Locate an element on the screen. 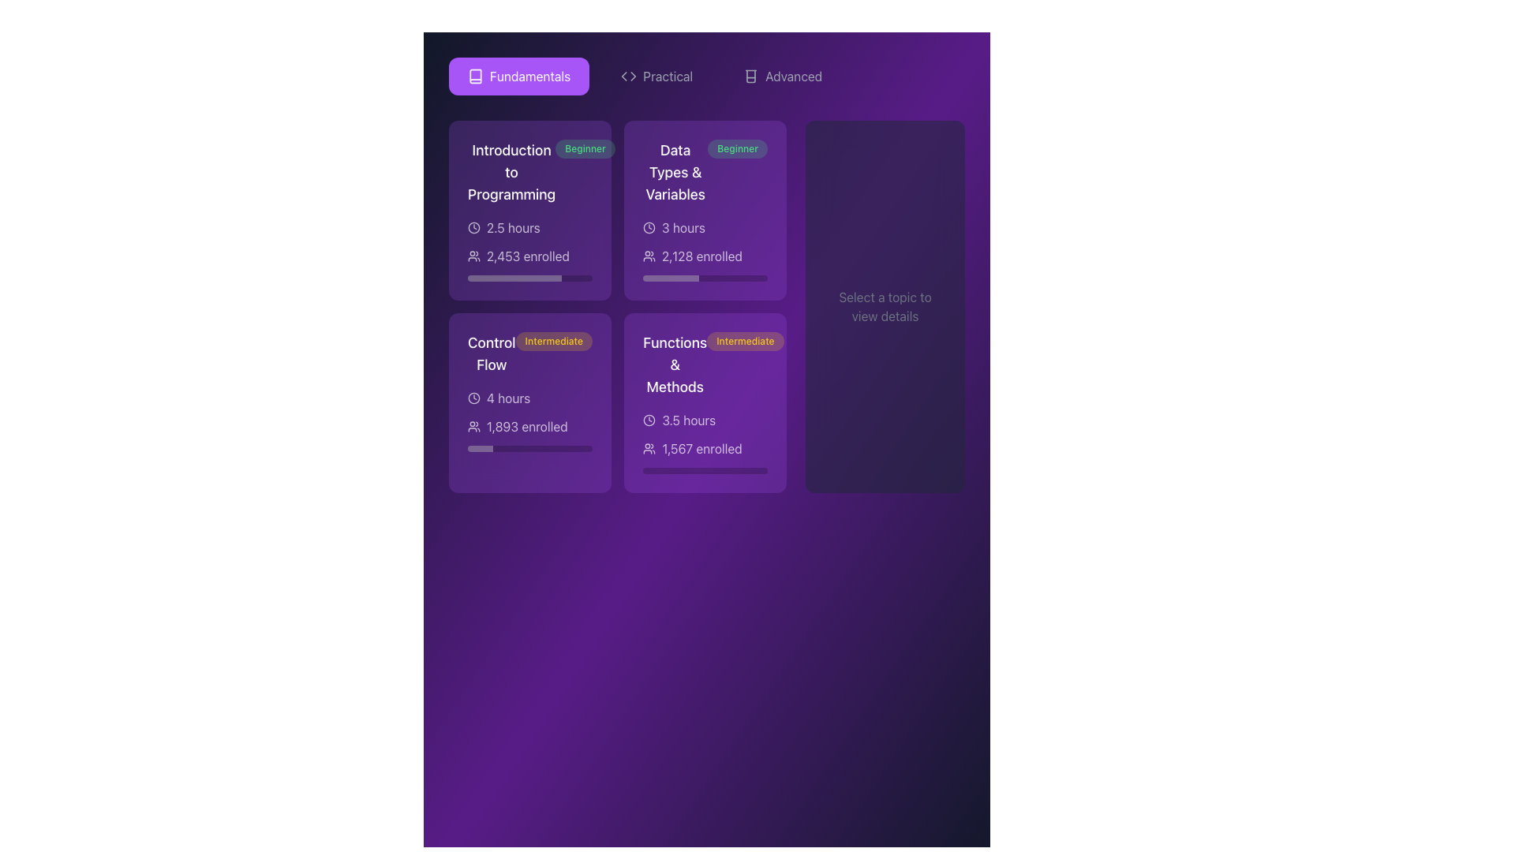  the 'Intermediate' difficulty level label, which is positioned to the right of the 'Functions & Methods' text in the second row, second column of the grid layout is located at coordinates (744, 340).